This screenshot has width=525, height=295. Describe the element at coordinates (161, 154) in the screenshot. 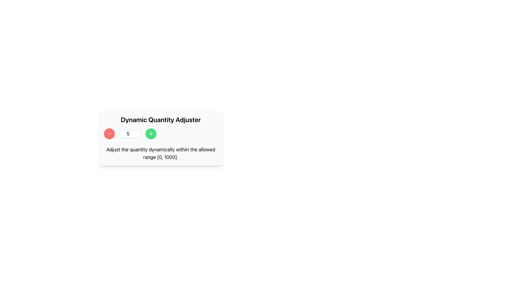

I see `the text element that states 'Adjust the quantity dynamically within the allowed range [0, 1000].' which is located below the number adjustment component` at that location.